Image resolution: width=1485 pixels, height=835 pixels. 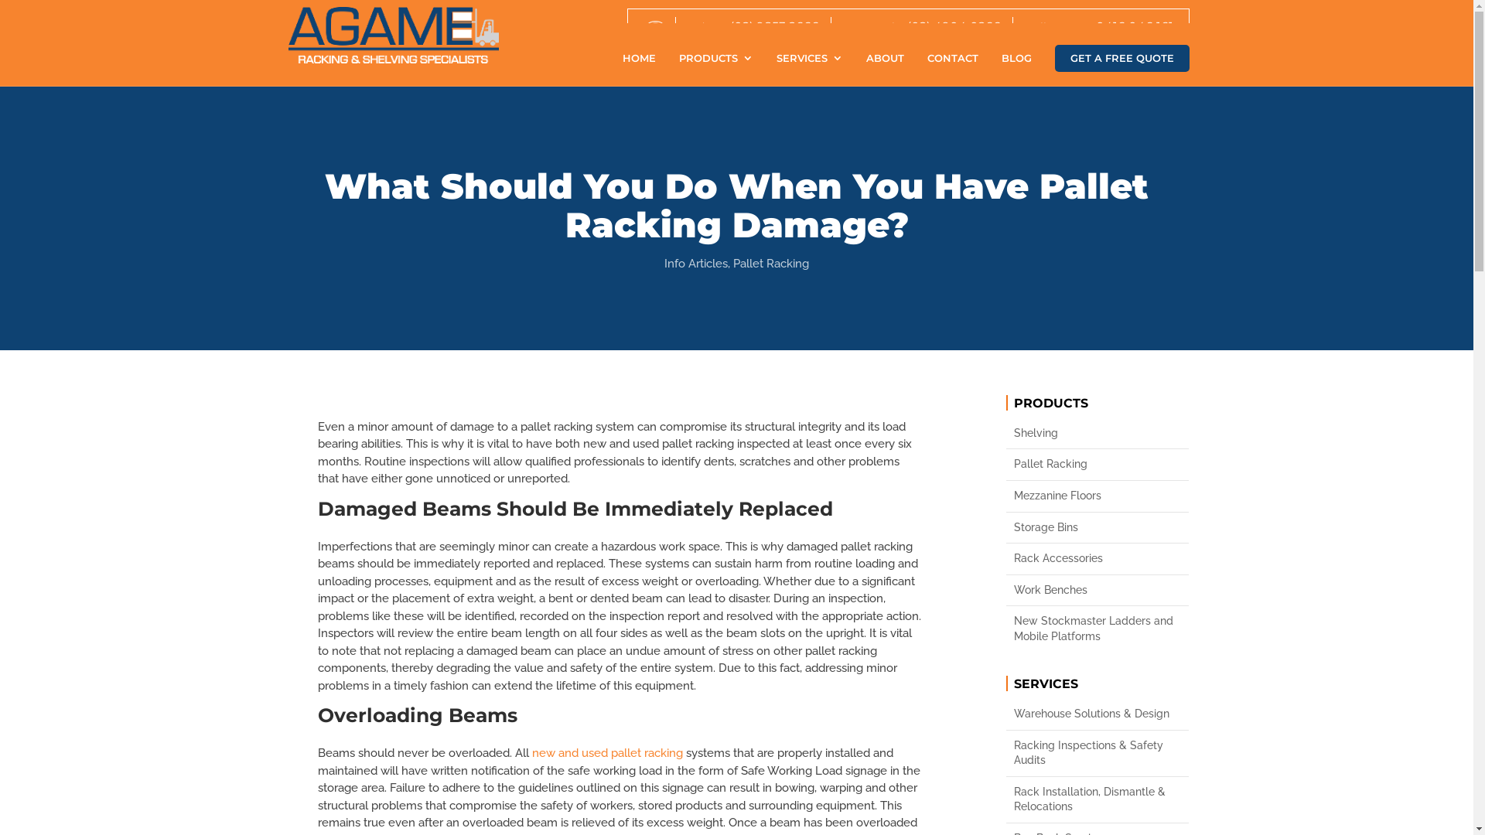 I want to click on 'Rack Accessories', so click(x=1013, y=558).